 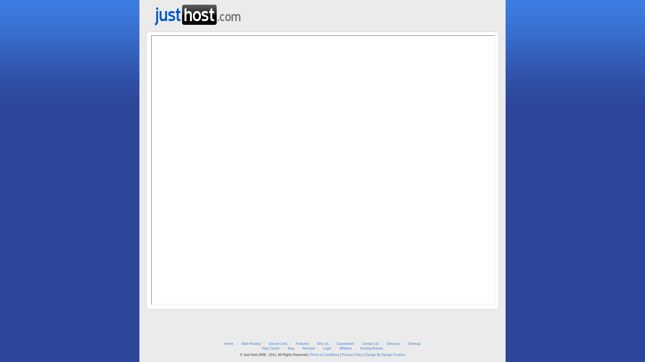 I want to click on 'Sitemap', so click(x=414, y=344).